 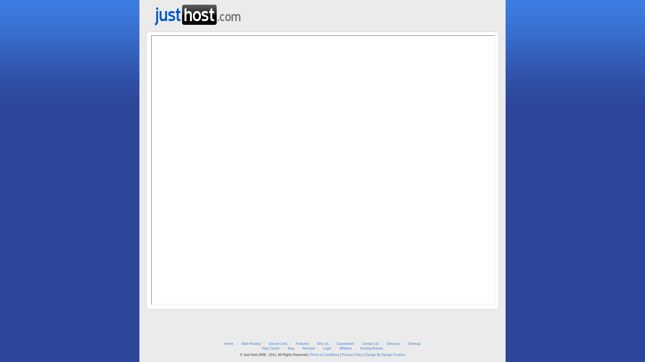 I want to click on 'Sitemap', so click(x=414, y=344).